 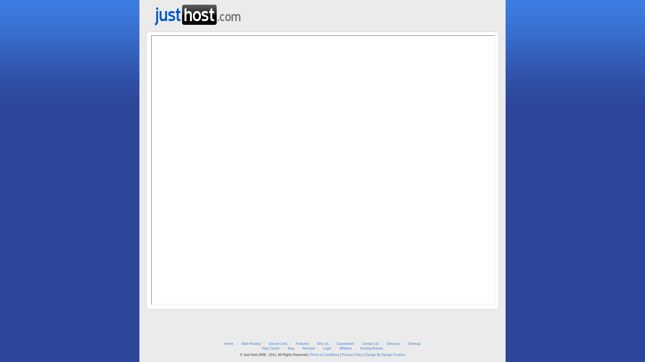 I want to click on 'Sitemap', so click(x=414, y=344).